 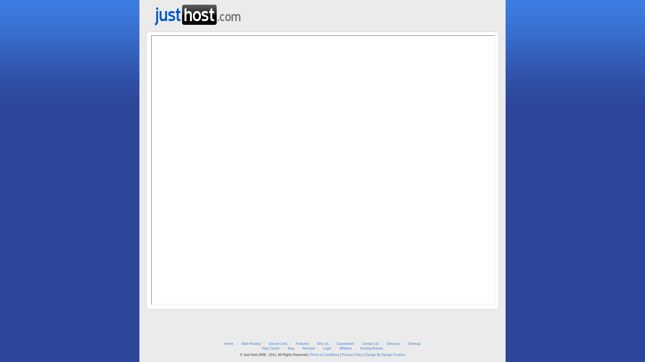 I want to click on 'Sitemap', so click(x=414, y=344).